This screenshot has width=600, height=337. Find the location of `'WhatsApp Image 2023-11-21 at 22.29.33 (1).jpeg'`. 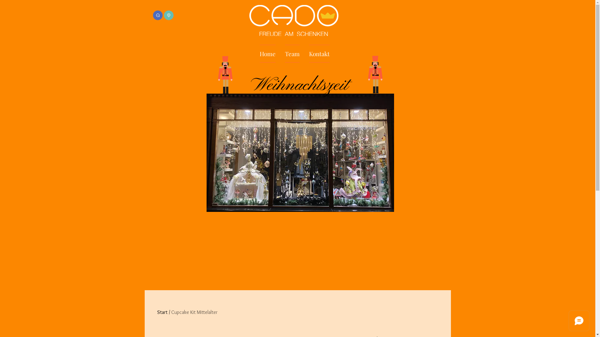

'WhatsApp Image 2023-11-21 at 22.29.33 (1).jpeg' is located at coordinates (300, 153).